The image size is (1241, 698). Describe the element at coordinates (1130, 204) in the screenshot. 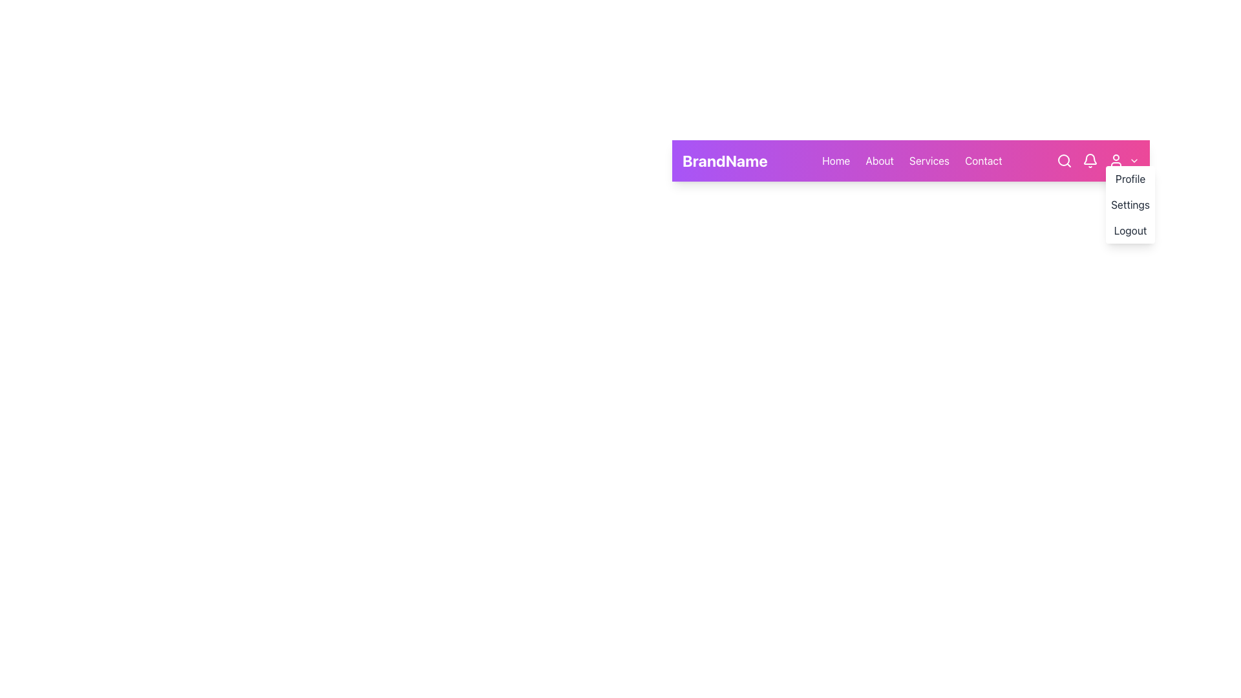

I see `the 'Settings' option in the dropdown menu located at the upper right section of the interface, which is the second item in the menu` at that location.